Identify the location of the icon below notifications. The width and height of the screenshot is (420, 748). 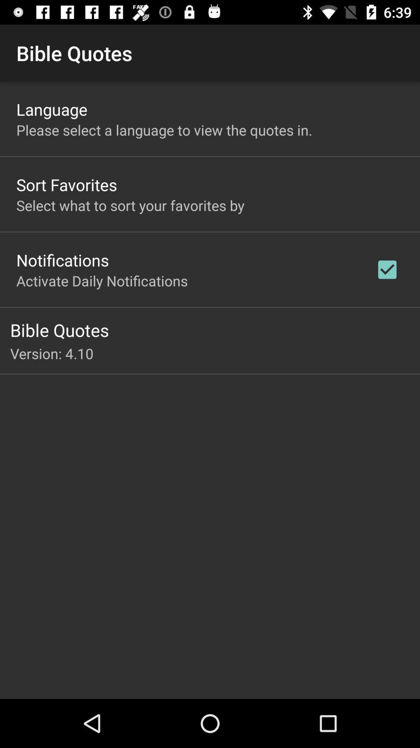
(101, 280).